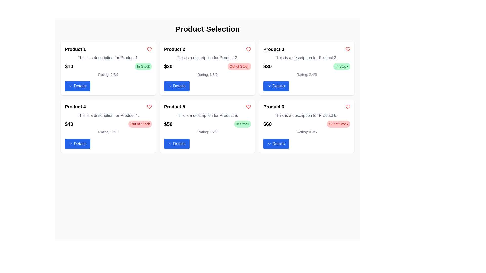 The width and height of the screenshot is (486, 273). What do you see at coordinates (338, 124) in the screenshot?
I see `the 'Out of Stock' badge with a rounded design and red text on a light red background located next to the '$60' price label in Product 6's card` at bounding box center [338, 124].